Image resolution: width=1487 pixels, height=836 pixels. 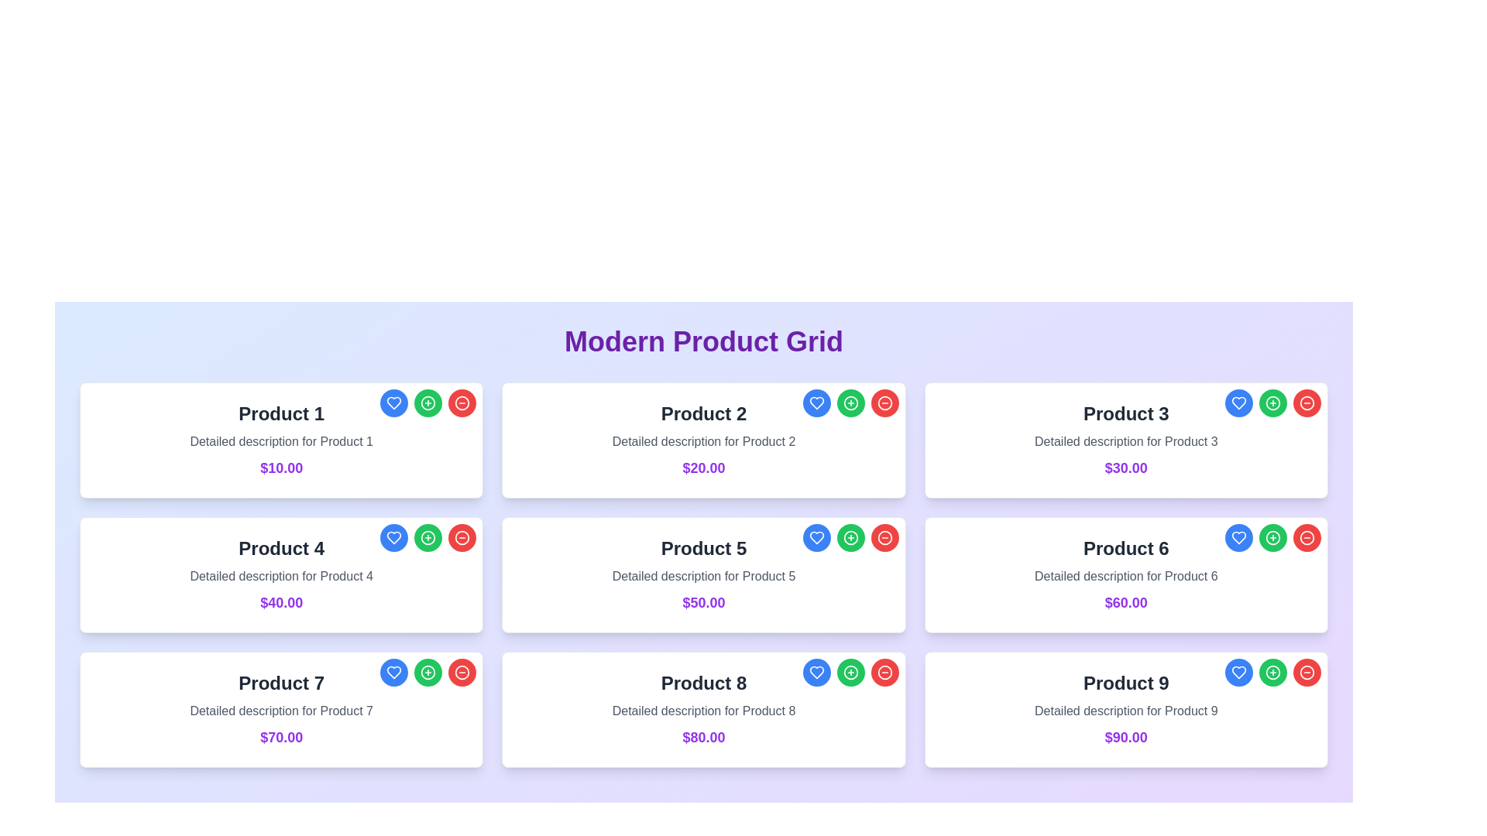 I want to click on the text label providing a description of 'Product 3' located in the third card of the first row, styled with gray text, so click(x=1126, y=441).